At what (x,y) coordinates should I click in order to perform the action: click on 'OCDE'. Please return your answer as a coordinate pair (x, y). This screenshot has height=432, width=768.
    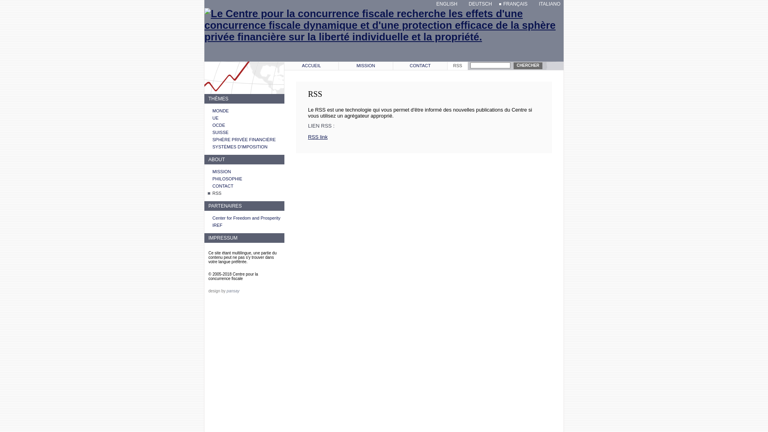
    Looking at the image, I should click on (219, 125).